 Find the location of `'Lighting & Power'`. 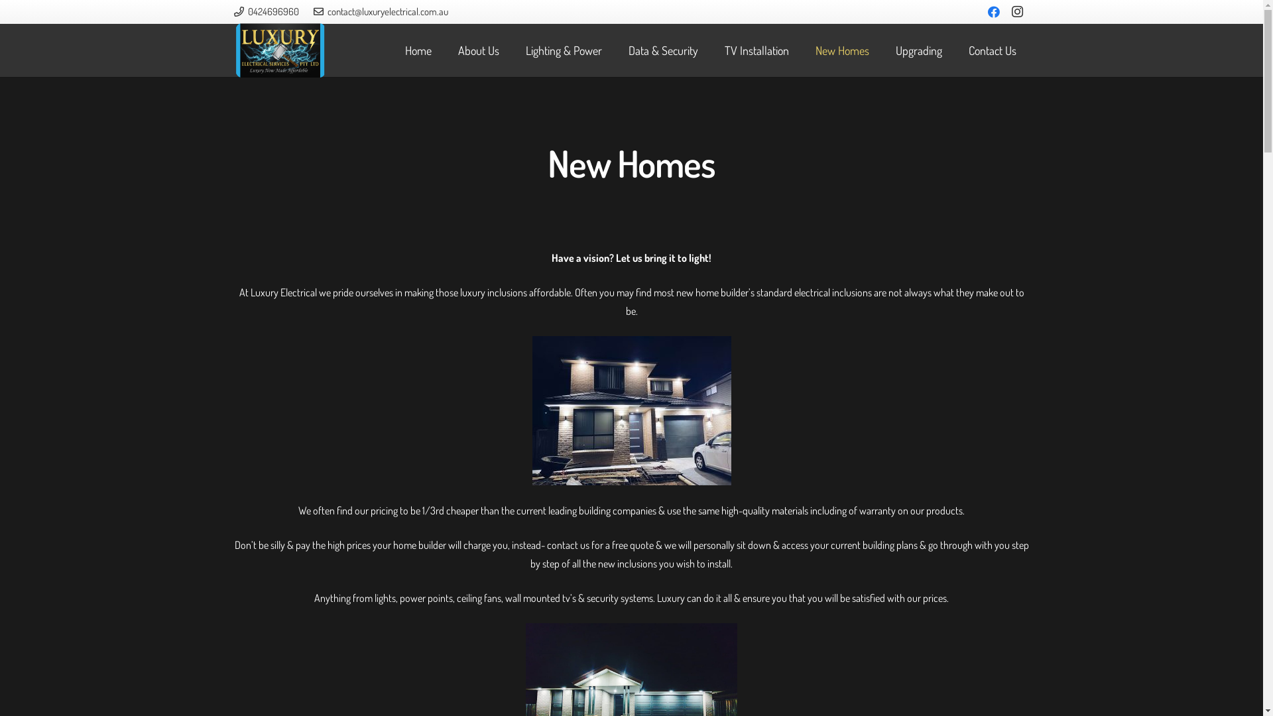

'Lighting & Power' is located at coordinates (511, 50).